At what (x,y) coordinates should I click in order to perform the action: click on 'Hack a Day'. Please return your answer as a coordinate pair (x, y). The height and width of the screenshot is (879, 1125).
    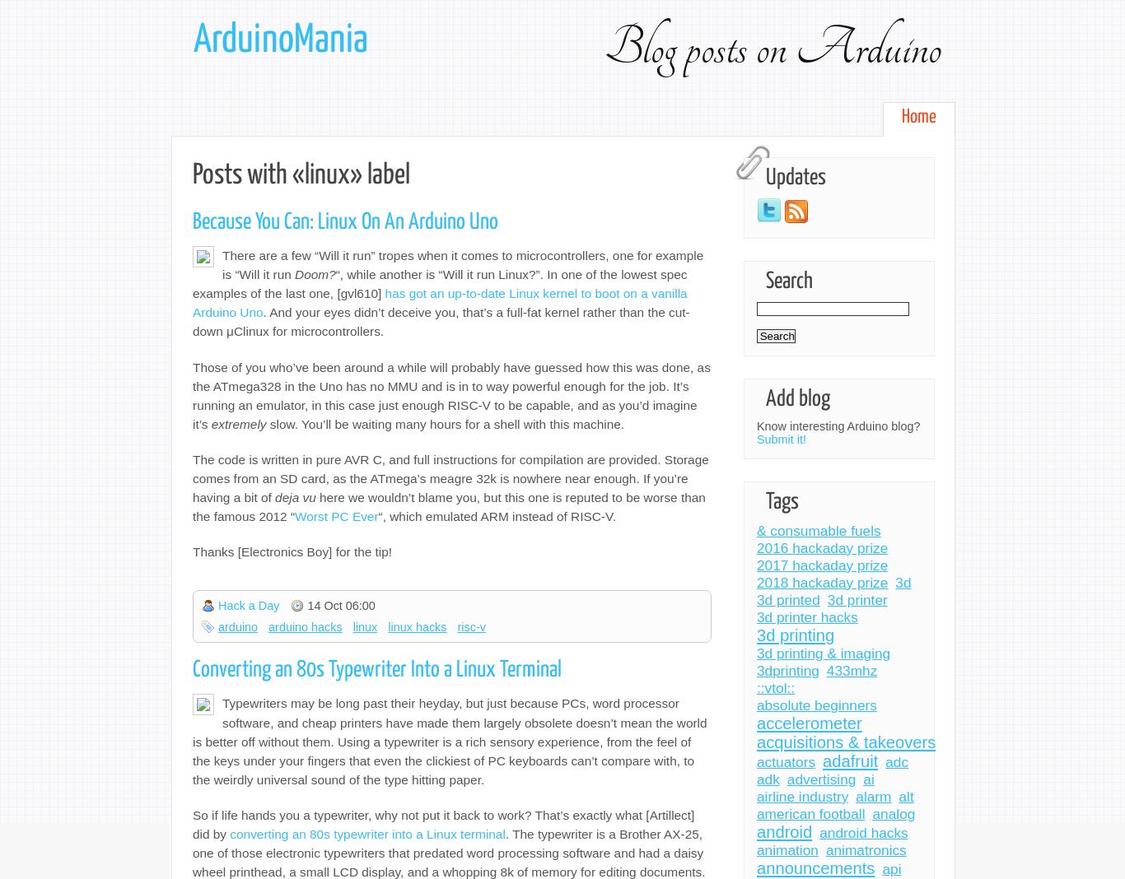
    Looking at the image, I should click on (218, 605).